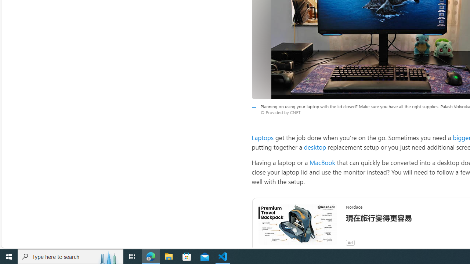 The width and height of the screenshot is (470, 264). What do you see at coordinates (263, 137) in the screenshot?
I see `'Laptops'` at bounding box center [263, 137].